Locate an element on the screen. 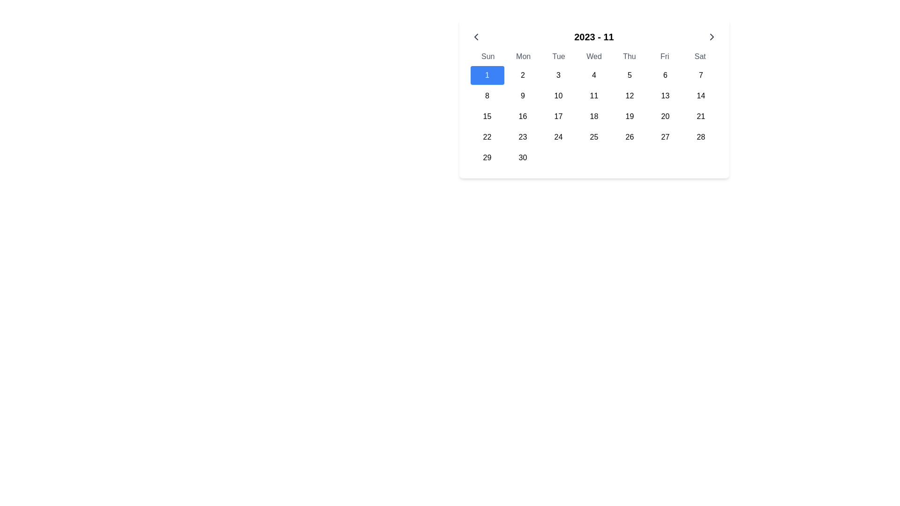 The width and height of the screenshot is (900, 506). the calendar day button representing the 22nd day, which is the first cell in its row of a 7-column grid layout is located at coordinates (487, 137).